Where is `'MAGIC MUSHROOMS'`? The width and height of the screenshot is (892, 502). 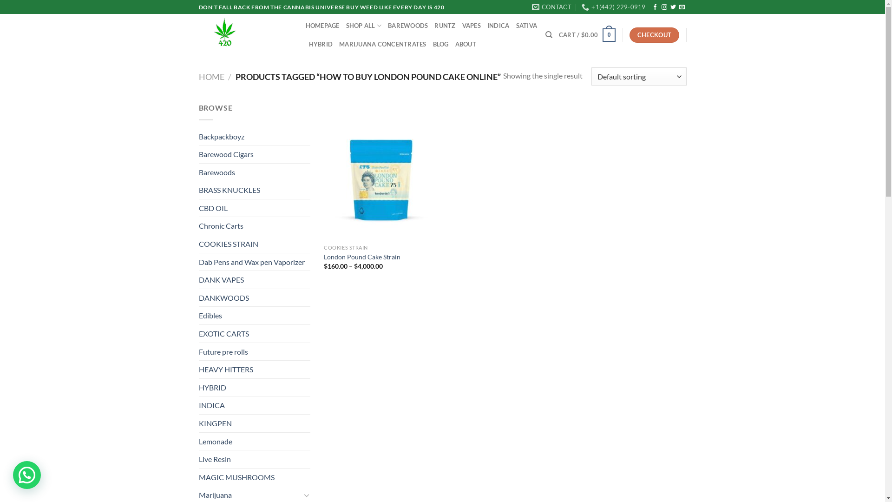 'MAGIC MUSHROOMS' is located at coordinates (254, 477).